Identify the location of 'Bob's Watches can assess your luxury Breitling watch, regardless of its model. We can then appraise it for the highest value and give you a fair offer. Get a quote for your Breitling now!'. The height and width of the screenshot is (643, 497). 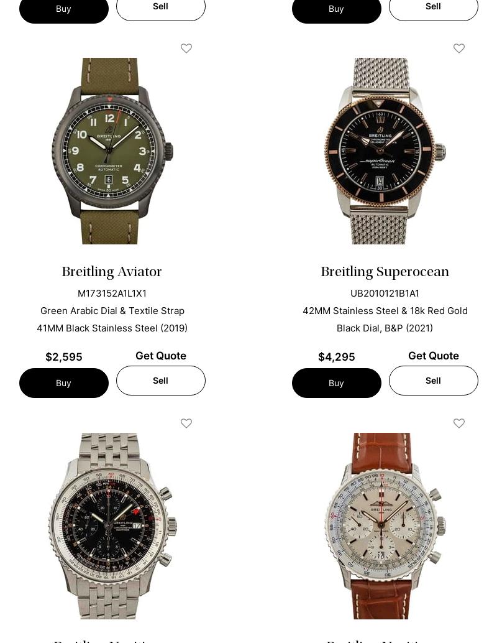
(247, 310).